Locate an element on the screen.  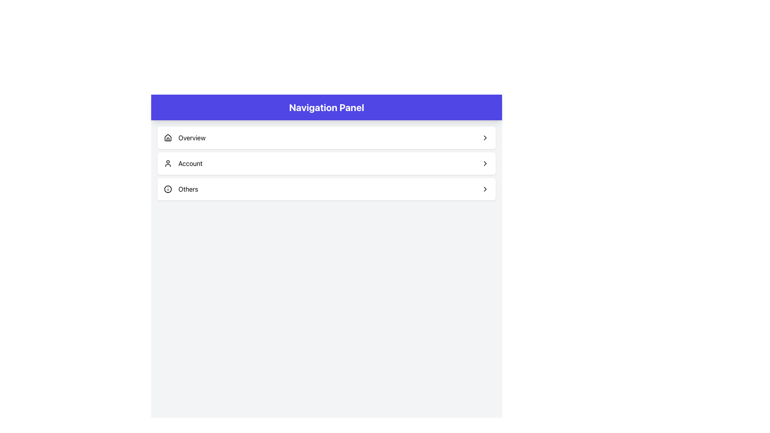
the navigational button located between 'Overview' and 'Others' is located at coordinates (326, 163).